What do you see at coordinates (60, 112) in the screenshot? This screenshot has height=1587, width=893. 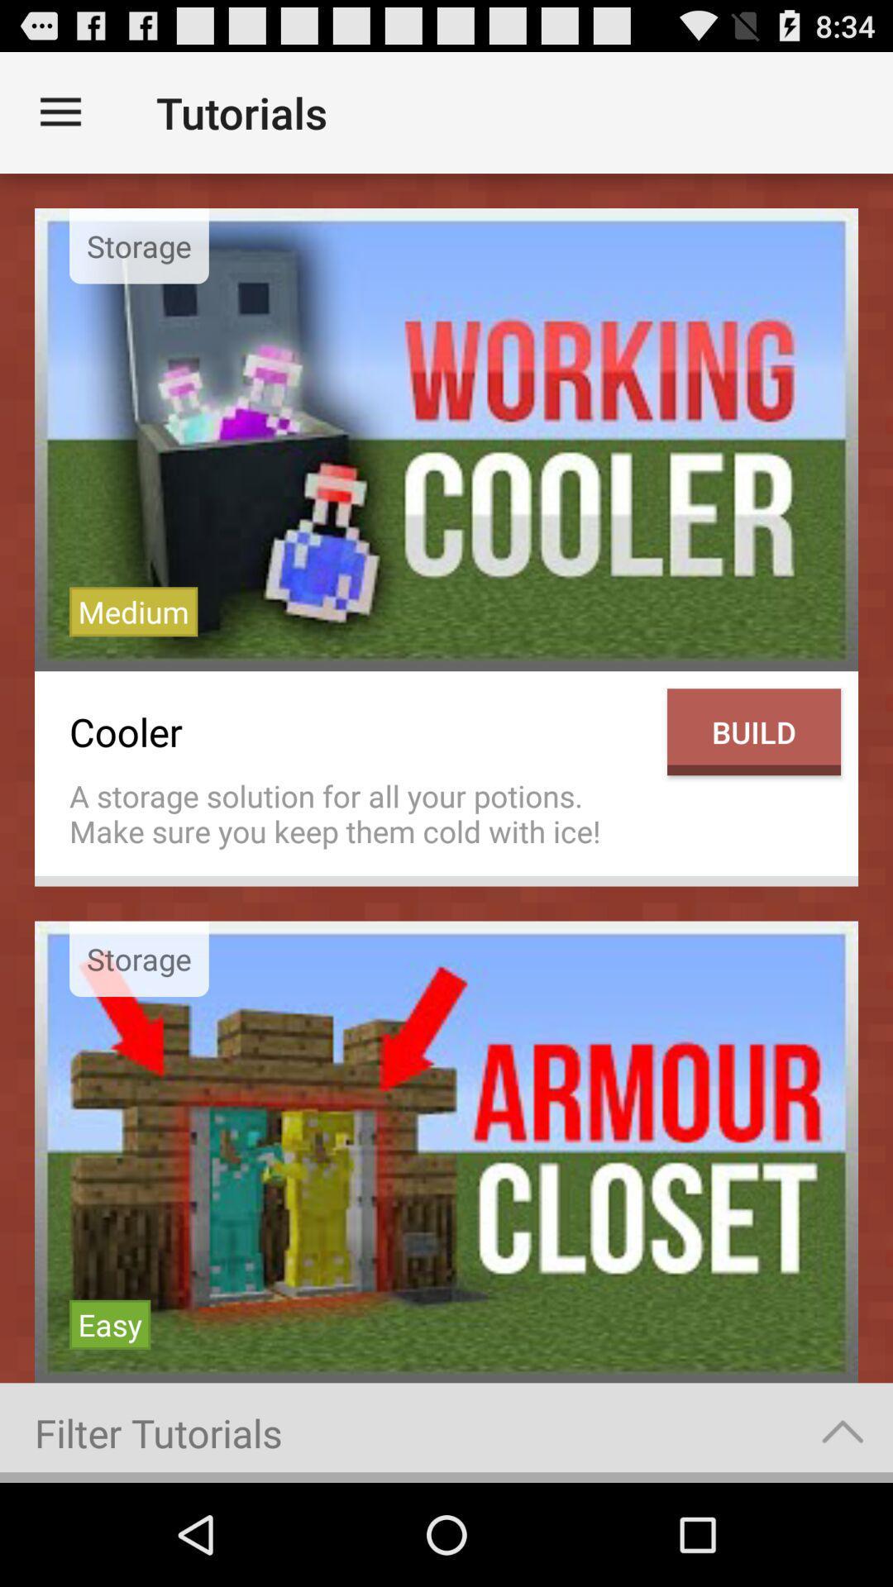 I see `item to the left of tutorials app` at bounding box center [60, 112].